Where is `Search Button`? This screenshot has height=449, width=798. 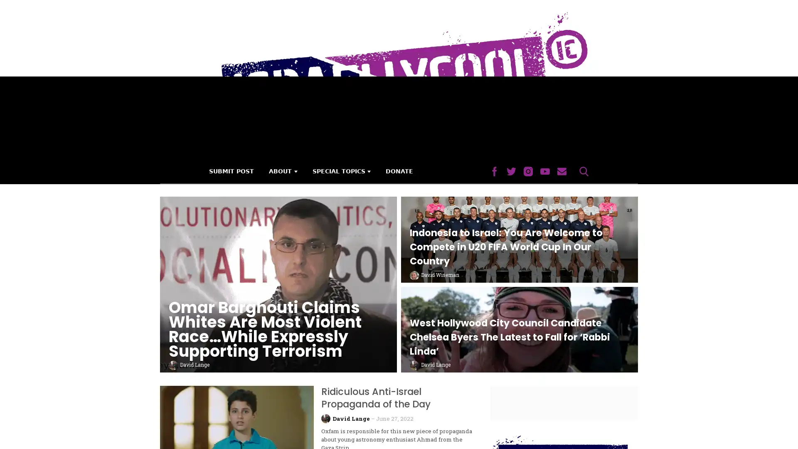
Search Button is located at coordinates (583, 171).